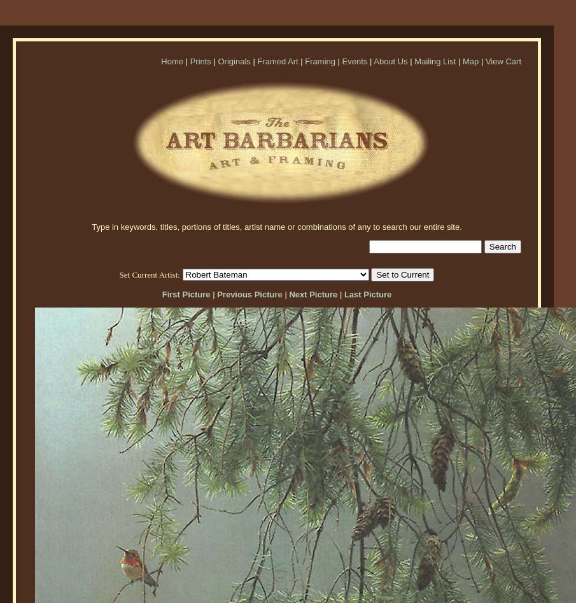 The width and height of the screenshot is (576, 603). What do you see at coordinates (277, 60) in the screenshot?
I see `'Framed Art'` at bounding box center [277, 60].